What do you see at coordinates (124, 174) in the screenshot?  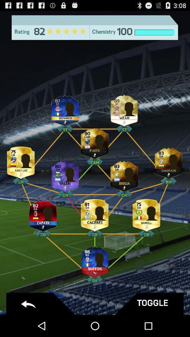 I see `player biglia` at bounding box center [124, 174].